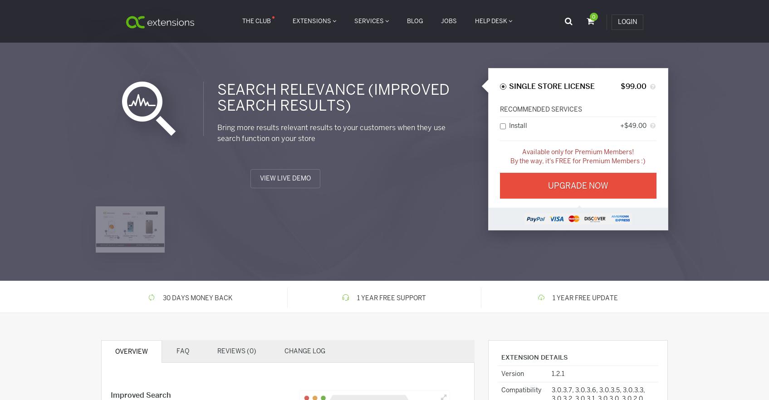  I want to click on 'Jobs', so click(448, 20).